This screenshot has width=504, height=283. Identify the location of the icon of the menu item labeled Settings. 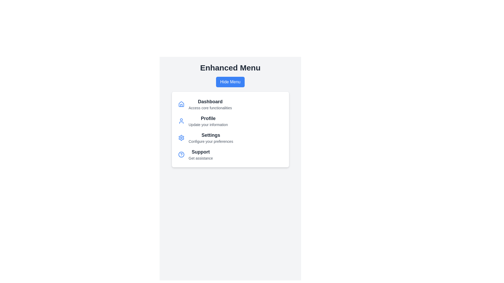
(181, 137).